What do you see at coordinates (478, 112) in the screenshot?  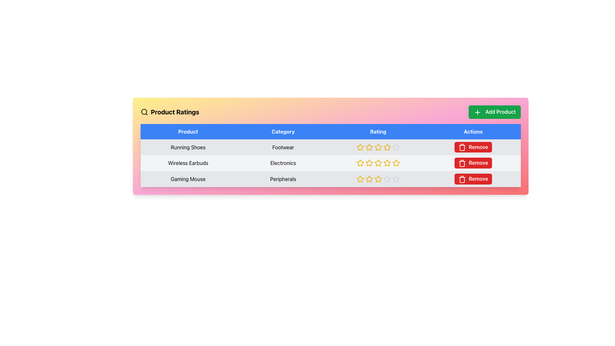 I see `the green plus sign SVG icon located within the 'Add Product' button, positioned at the top-right corner of the interface above the table's 'Actions' column` at bounding box center [478, 112].